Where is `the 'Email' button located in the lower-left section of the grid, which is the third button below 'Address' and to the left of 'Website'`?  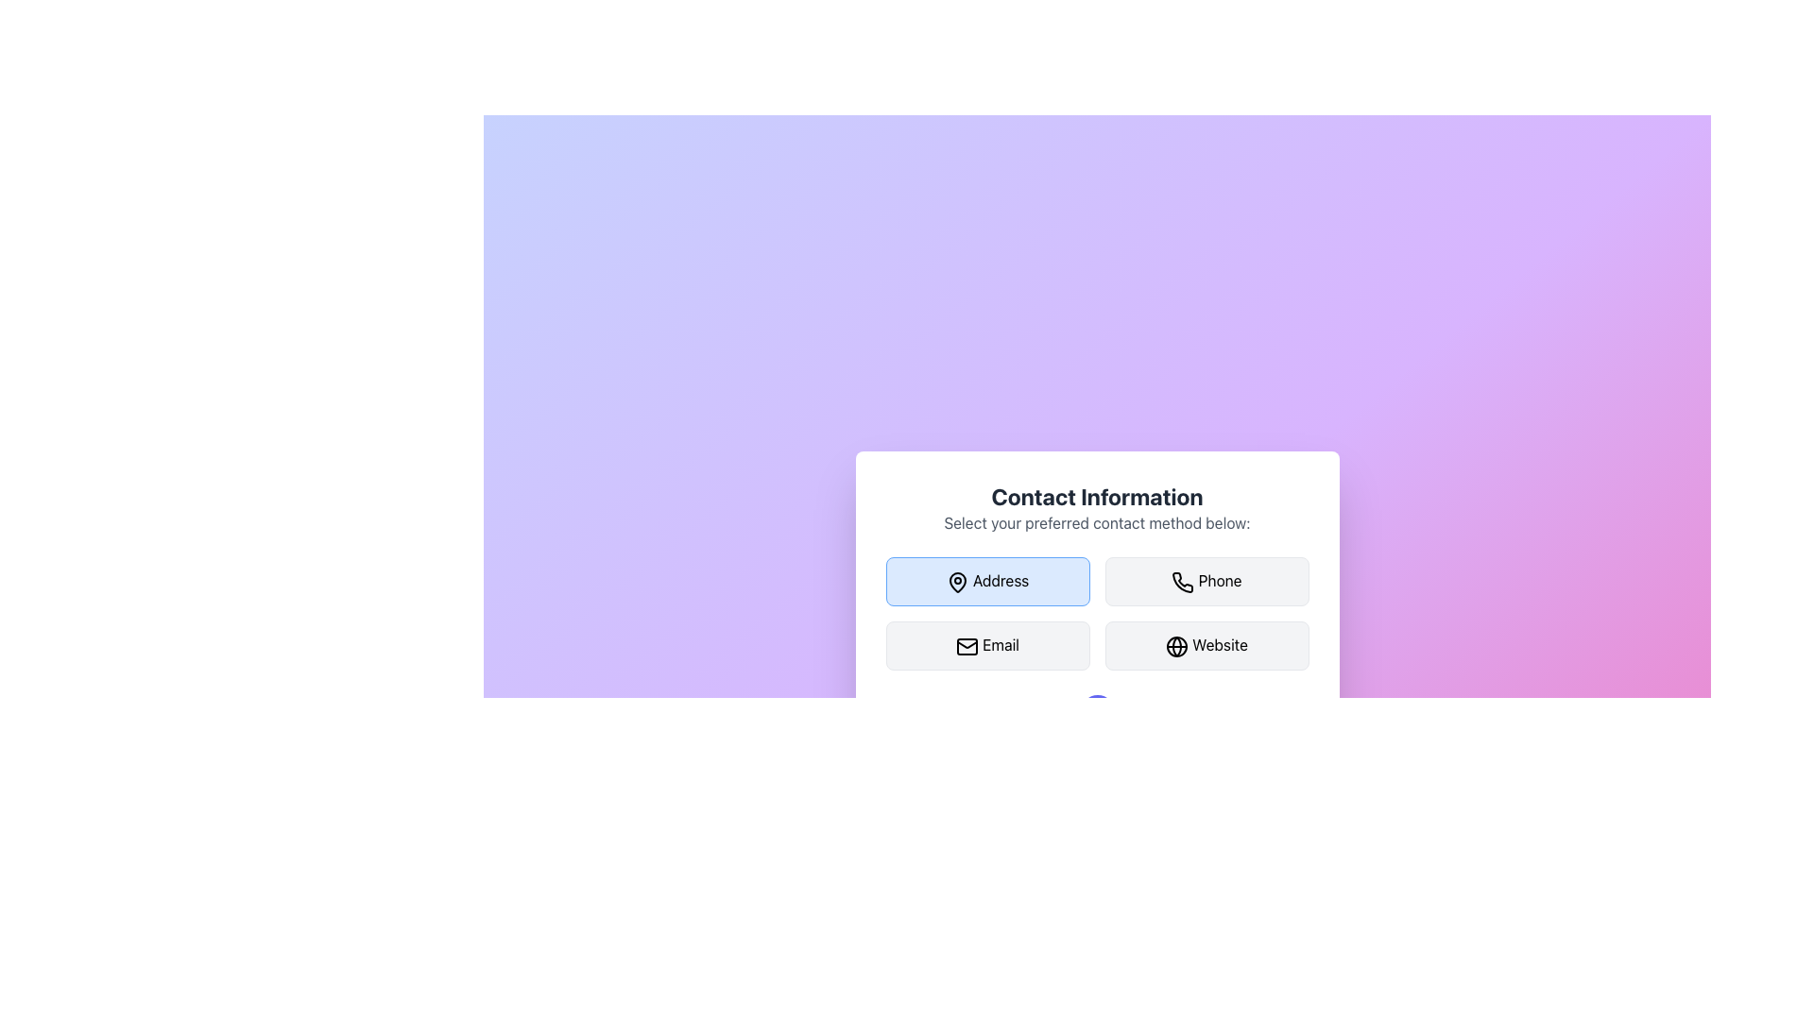
the 'Email' button located in the lower-left section of the grid, which is the third button below 'Address' and to the left of 'Website' is located at coordinates (986, 644).